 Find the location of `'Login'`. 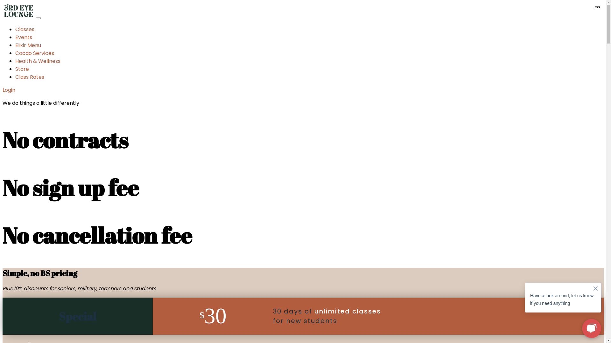

'Login' is located at coordinates (9, 90).